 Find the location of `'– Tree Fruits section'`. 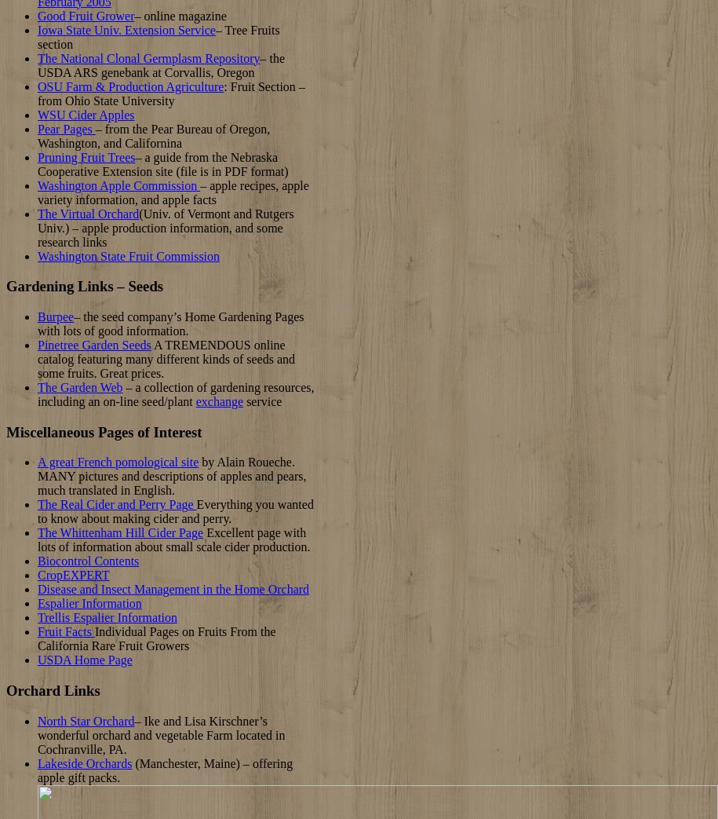

'– Tree Fruits section' is located at coordinates (38, 35).